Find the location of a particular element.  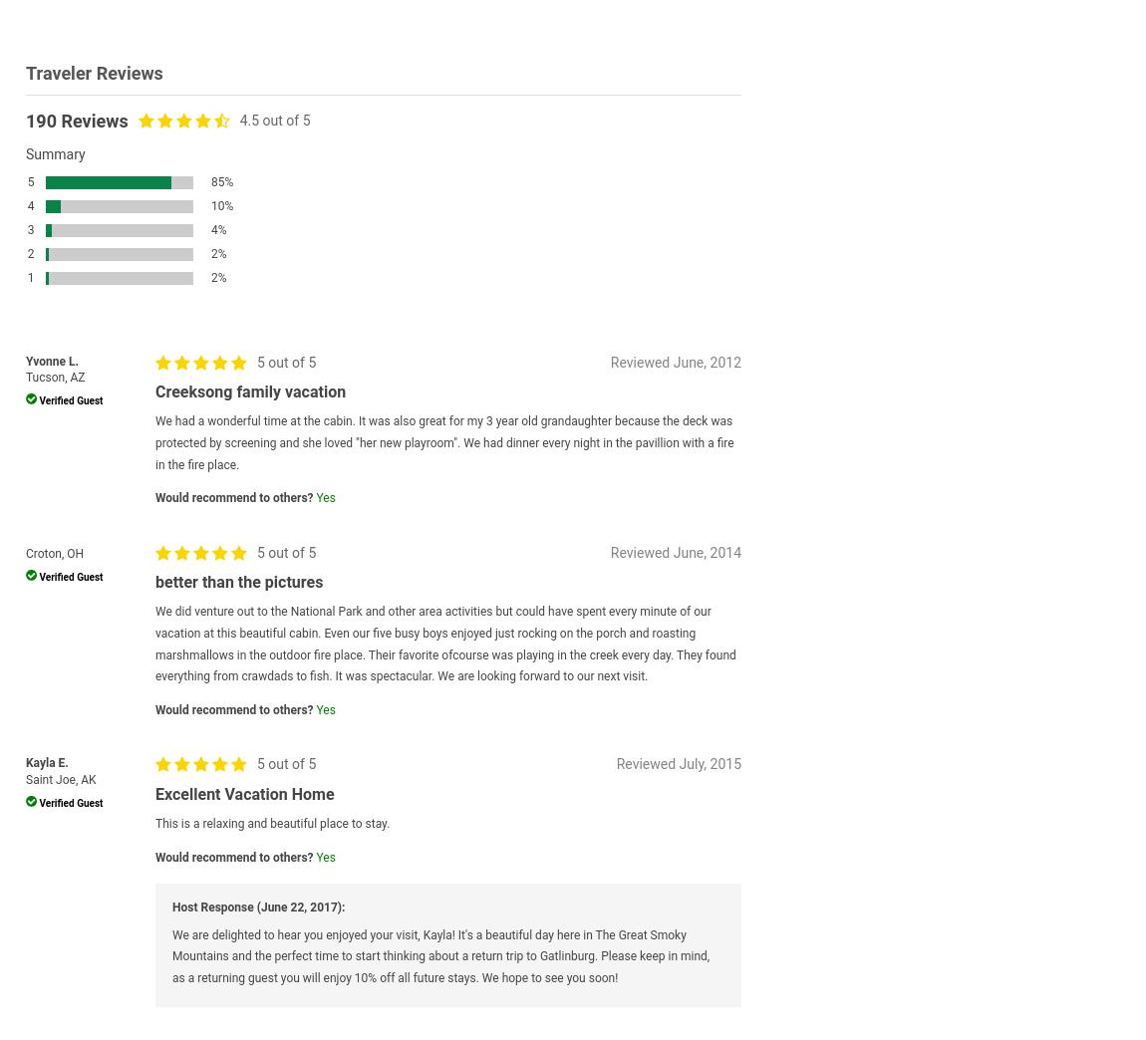

'4%' is located at coordinates (217, 230).